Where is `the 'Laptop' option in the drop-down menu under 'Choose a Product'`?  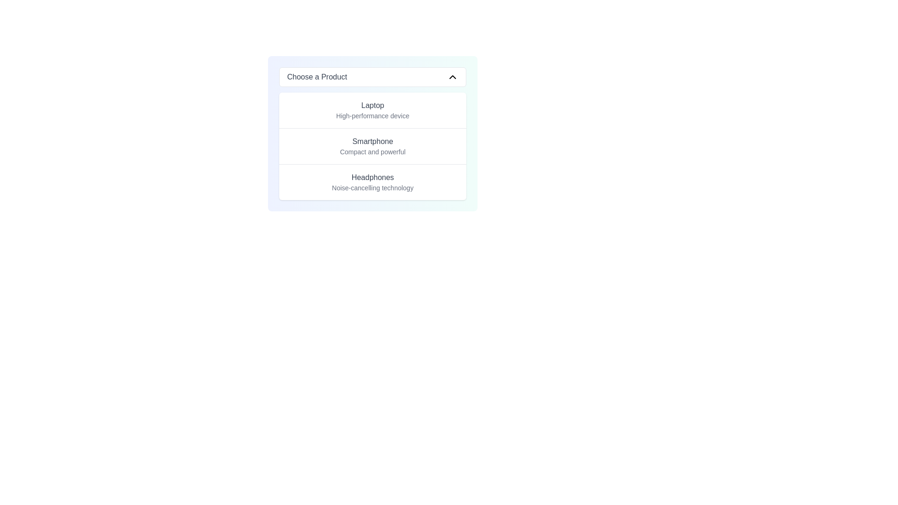 the 'Laptop' option in the drop-down menu under 'Choose a Product' is located at coordinates (372, 105).